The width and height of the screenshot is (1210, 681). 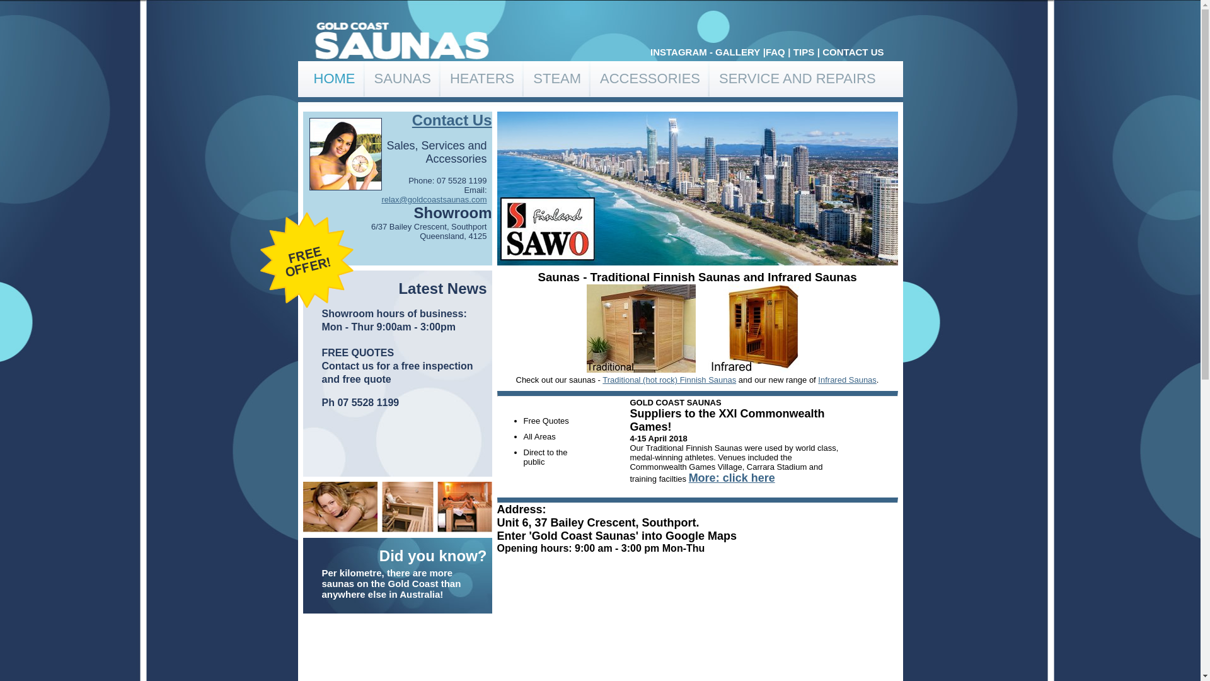 I want to click on 'FAQ', so click(x=775, y=51).